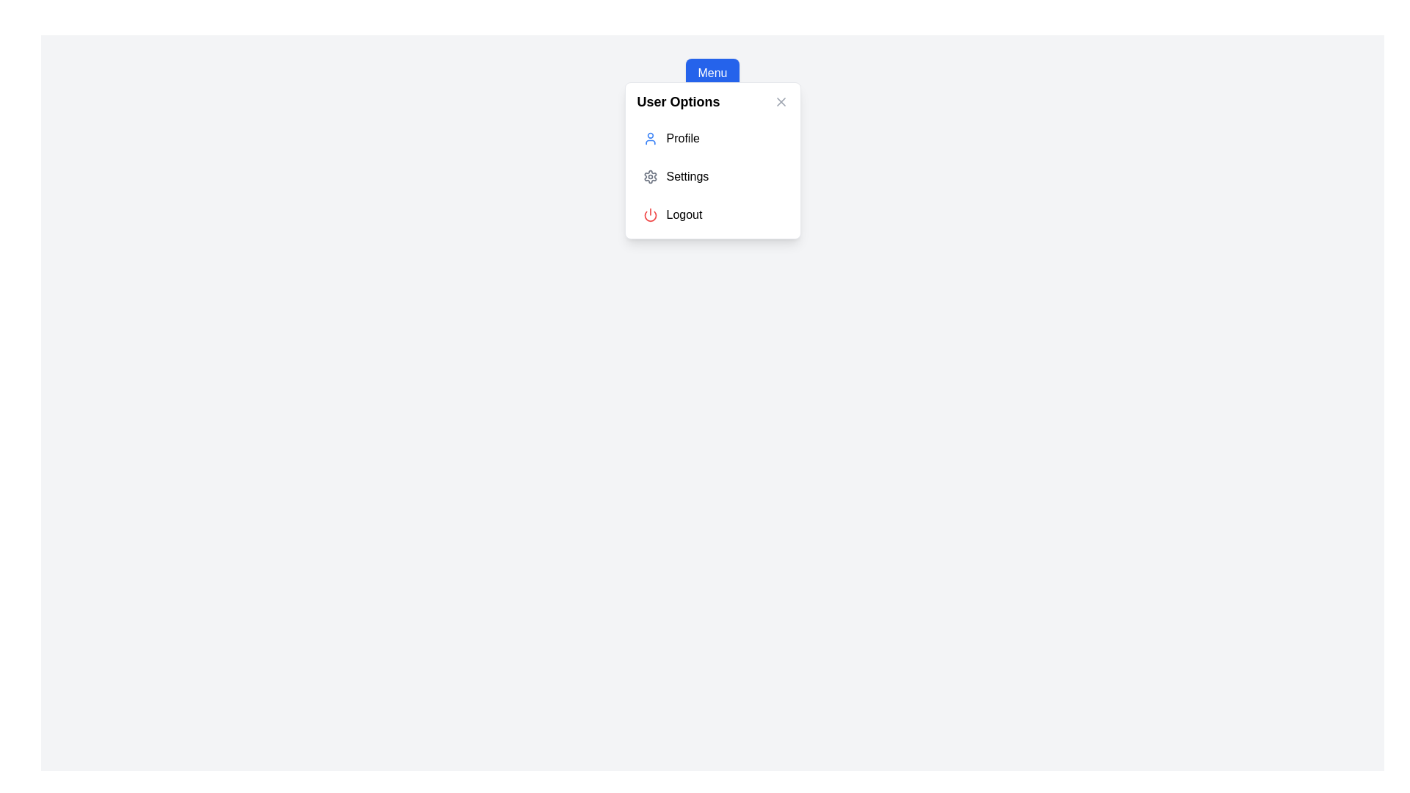  Describe the element at coordinates (712, 215) in the screenshot. I see `the logout button located in the 'User Options' dropdown menu, which is the third item below 'Profile' and 'Settings', to log out of the application` at that location.